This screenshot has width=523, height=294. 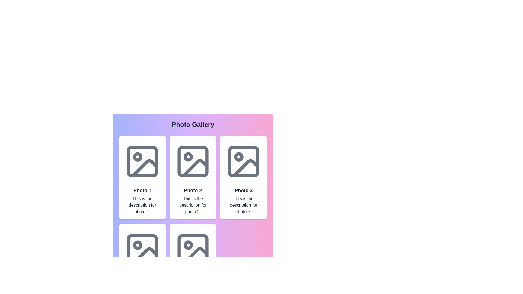 I want to click on the graphical component resembling a slanted line within the first image icon on the left in the top row of the photo gallery grid, so click(x=145, y=168).